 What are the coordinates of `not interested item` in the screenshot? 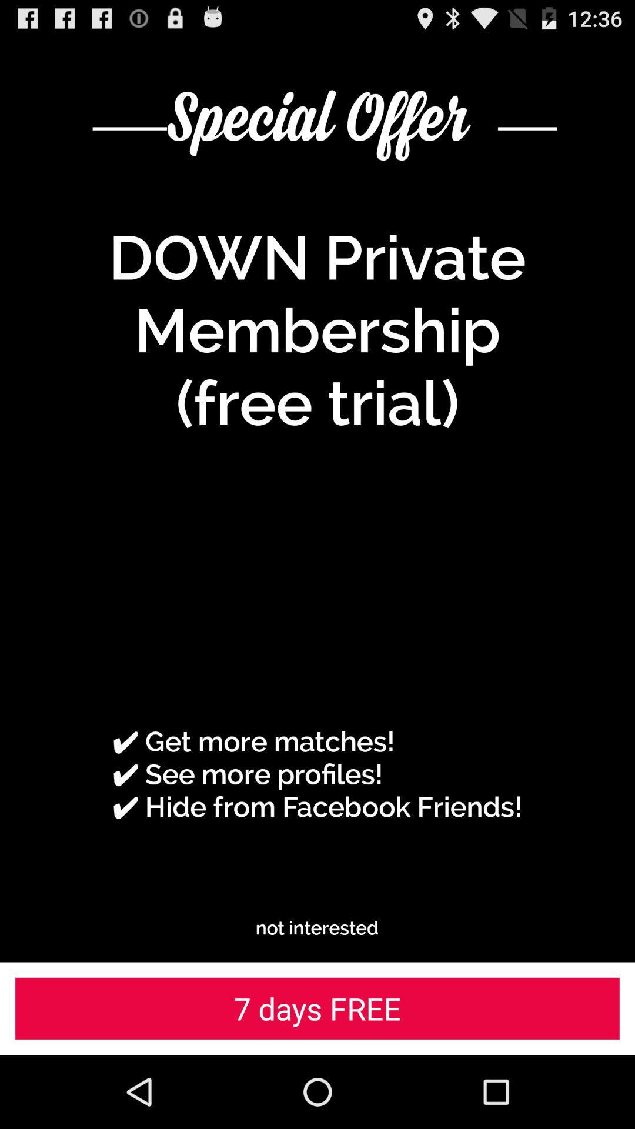 It's located at (316, 927).